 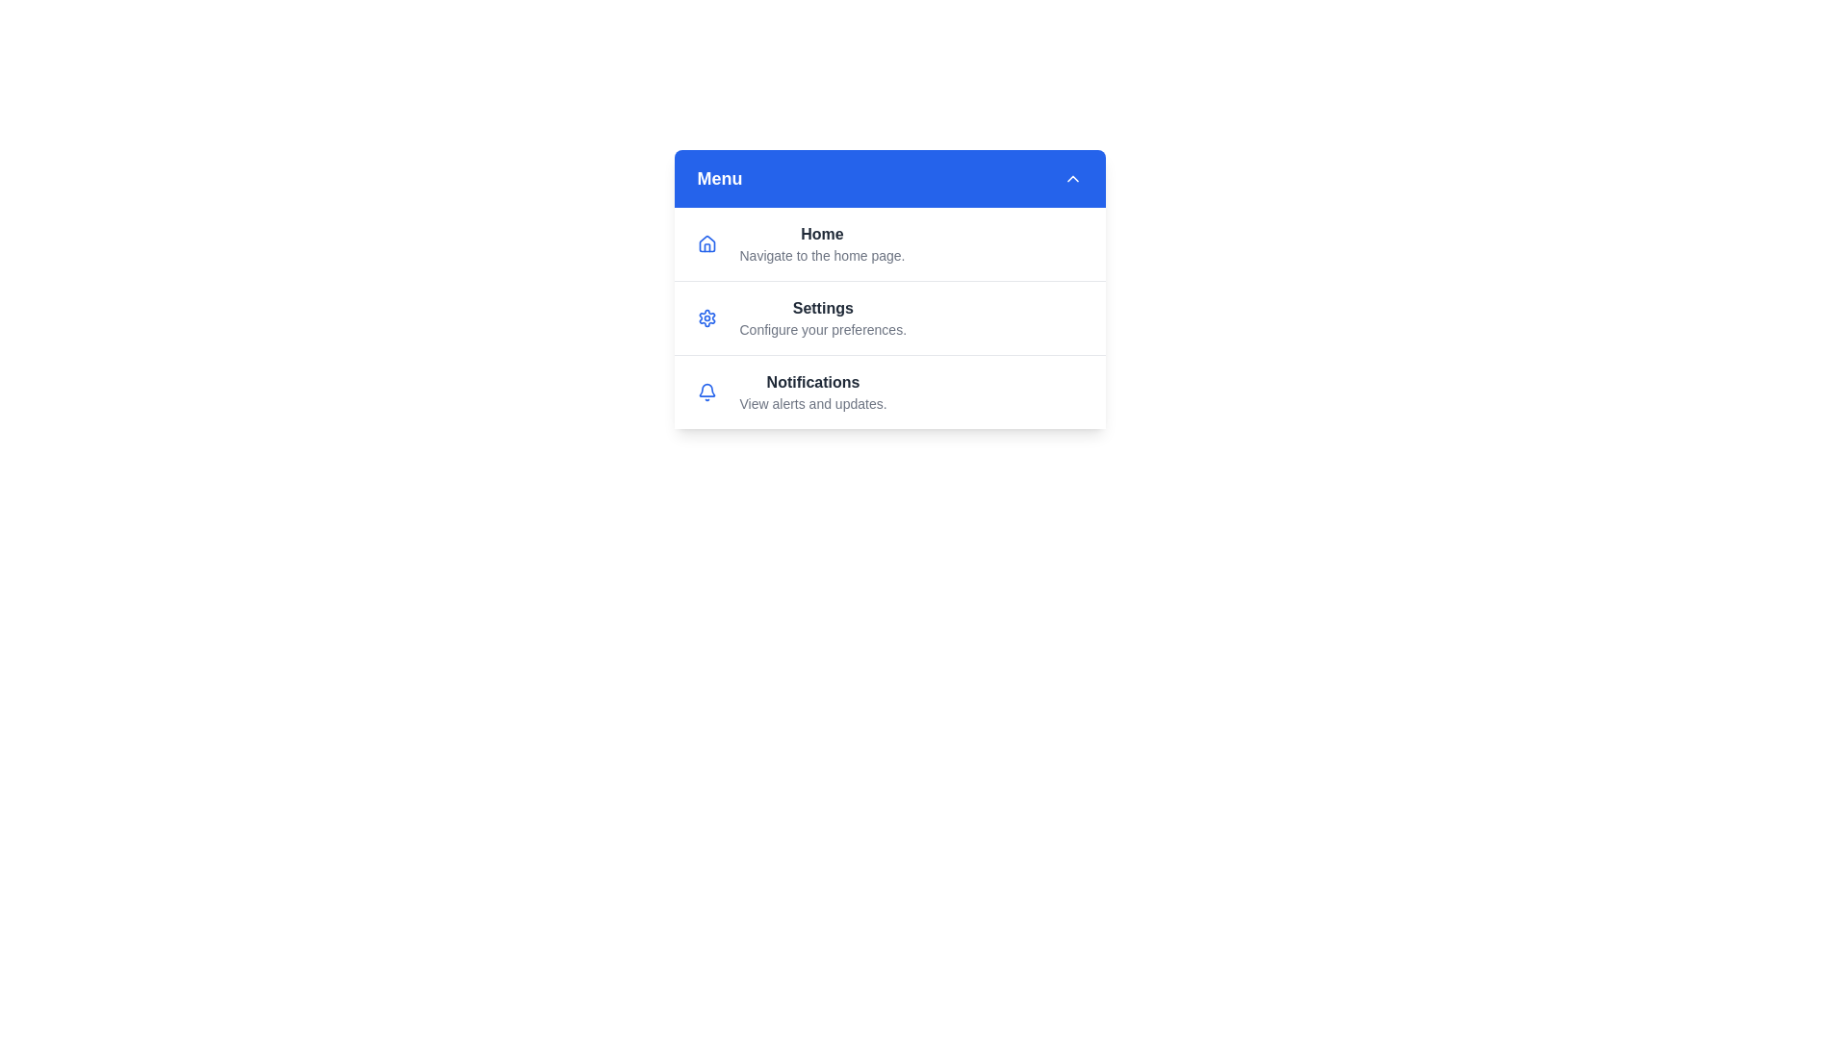 I want to click on the menu item Settings to see its hover effect, so click(x=888, y=317).